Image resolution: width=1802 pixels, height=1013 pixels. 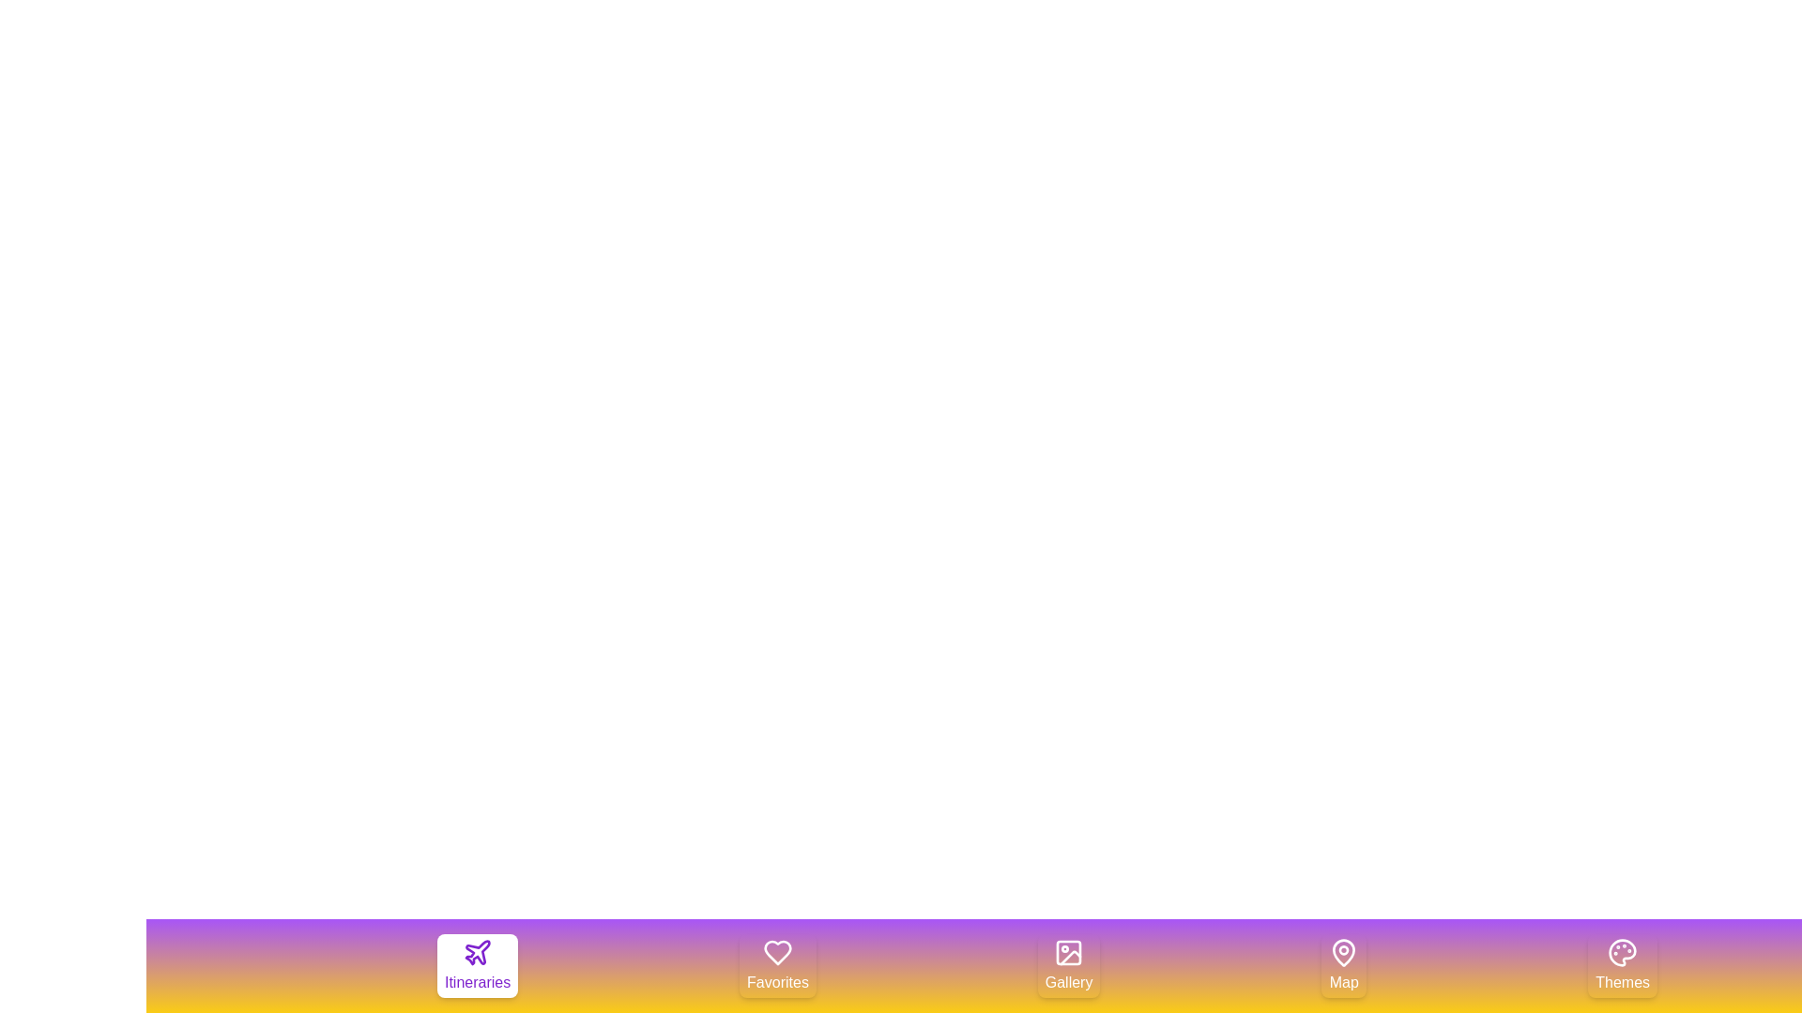 I want to click on the tab labeled Favorites to observe its hover effect, so click(x=778, y=965).